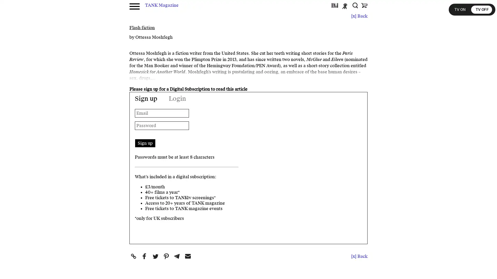  Describe the element at coordinates (167, 256) in the screenshot. I see `Share to Pinterest` at that location.